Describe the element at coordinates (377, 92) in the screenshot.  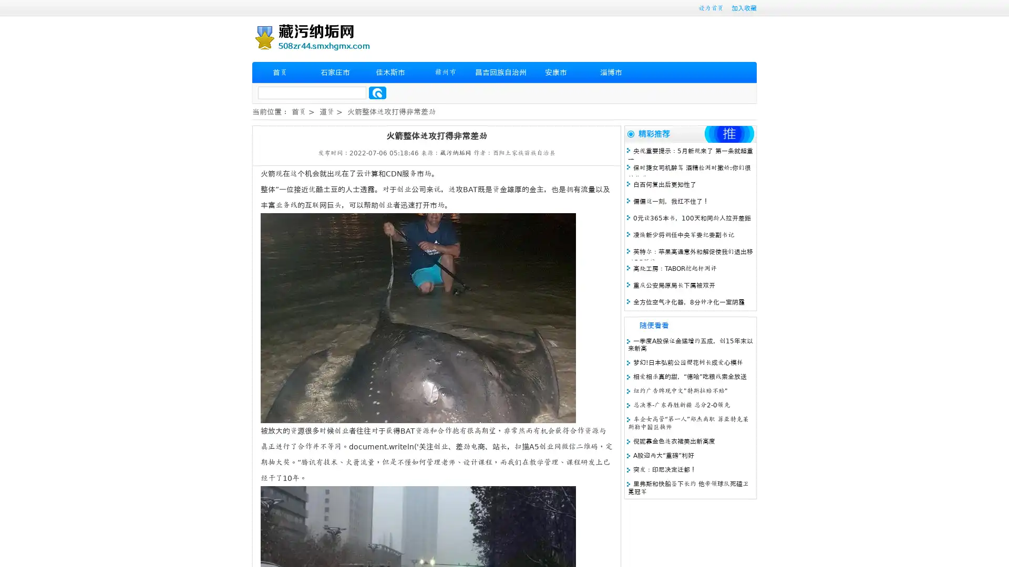
I see `Search` at that location.